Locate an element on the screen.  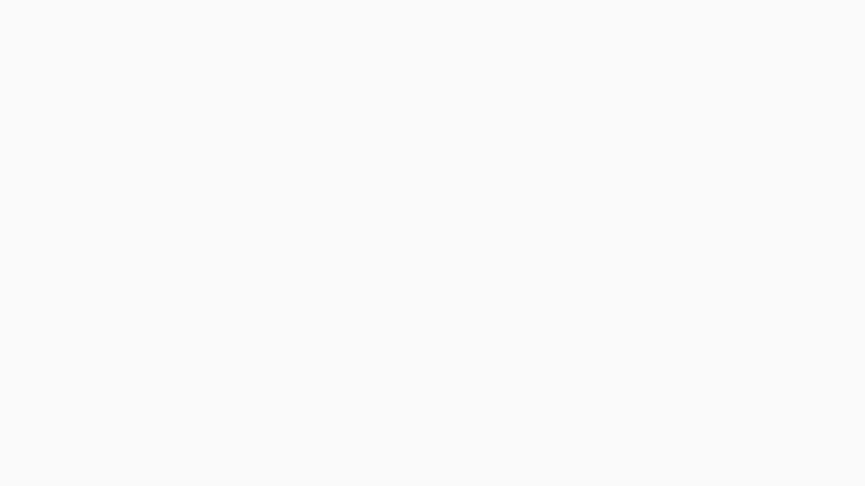
No is located at coordinates (800, 442).